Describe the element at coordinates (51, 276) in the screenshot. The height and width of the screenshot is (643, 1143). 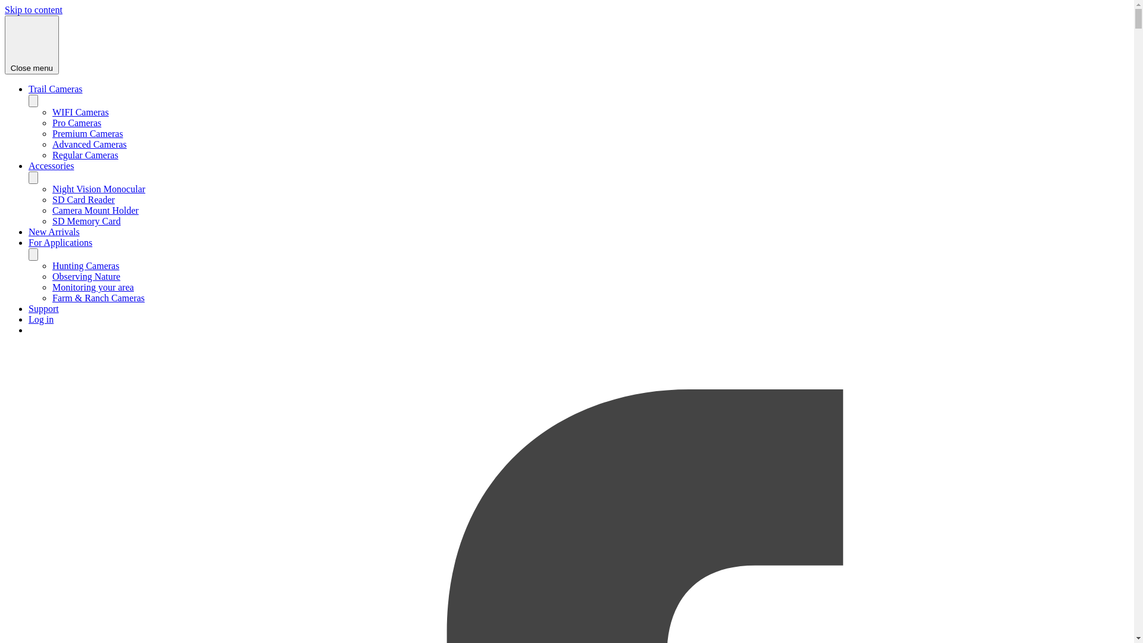
I see `'Observing Nature'` at that location.